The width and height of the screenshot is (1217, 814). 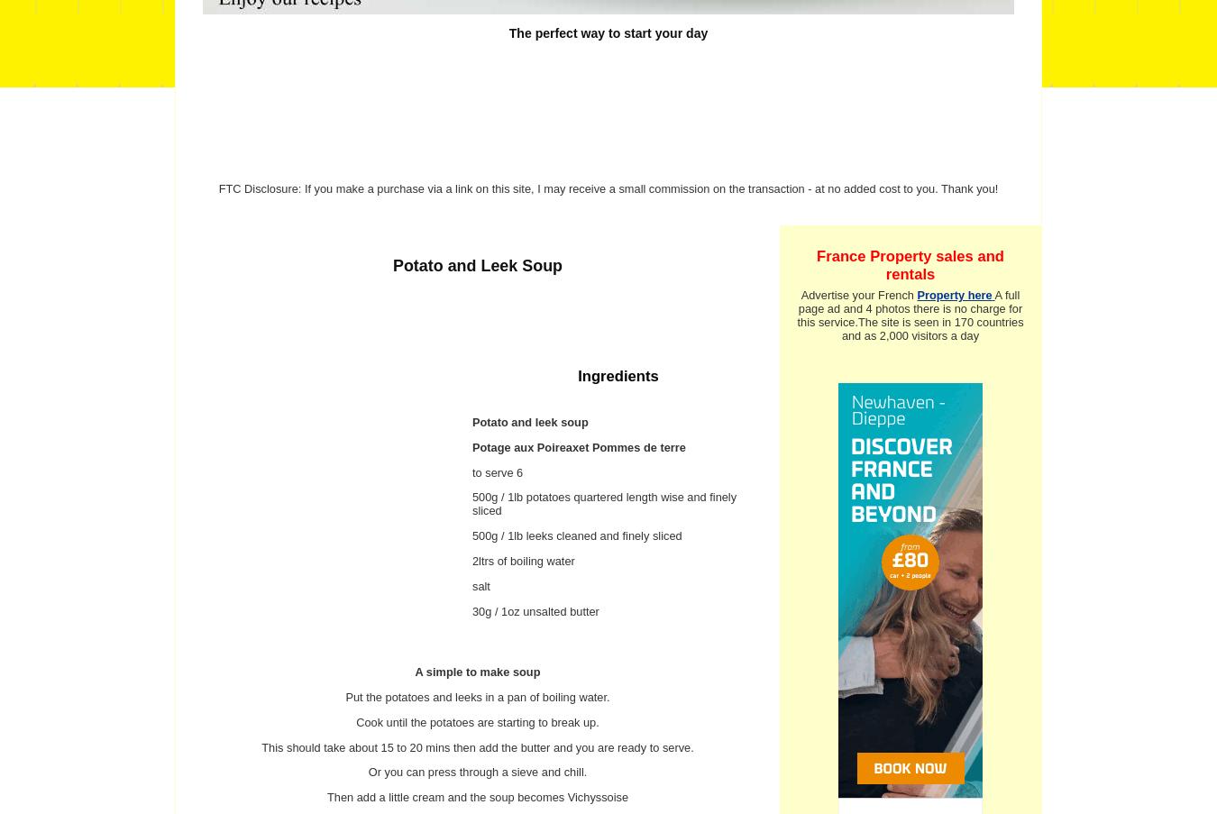 What do you see at coordinates (260, 745) in the screenshot?
I see `'This should take about 15 to 20 mins then
add the butter and you are ready to serve.'` at bounding box center [260, 745].